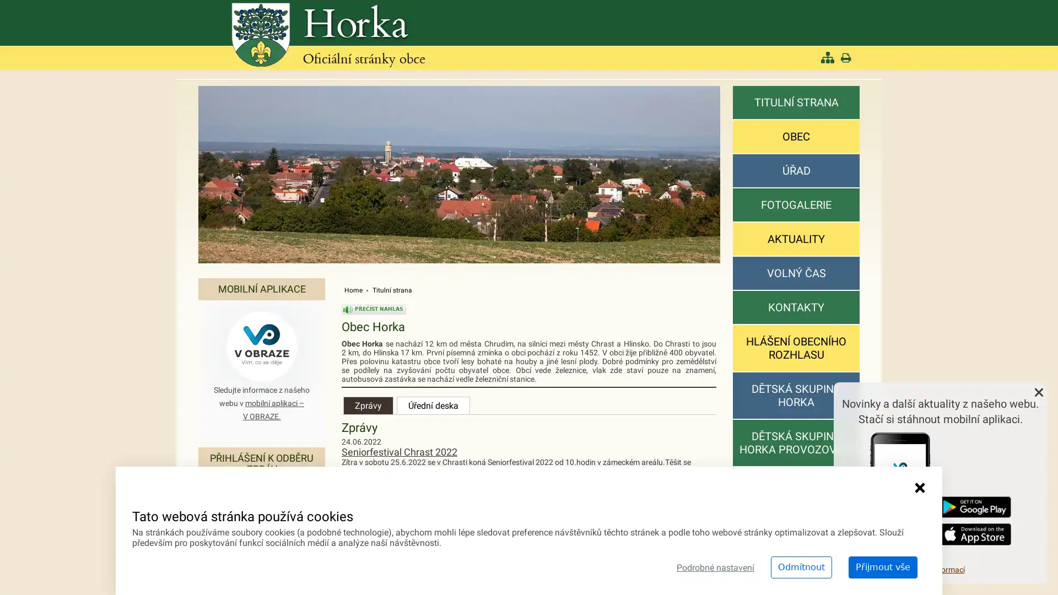 The image size is (1058, 595). Describe the element at coordinates (883, 567) in the screenshot. I see `Prijmout vse` at that location.